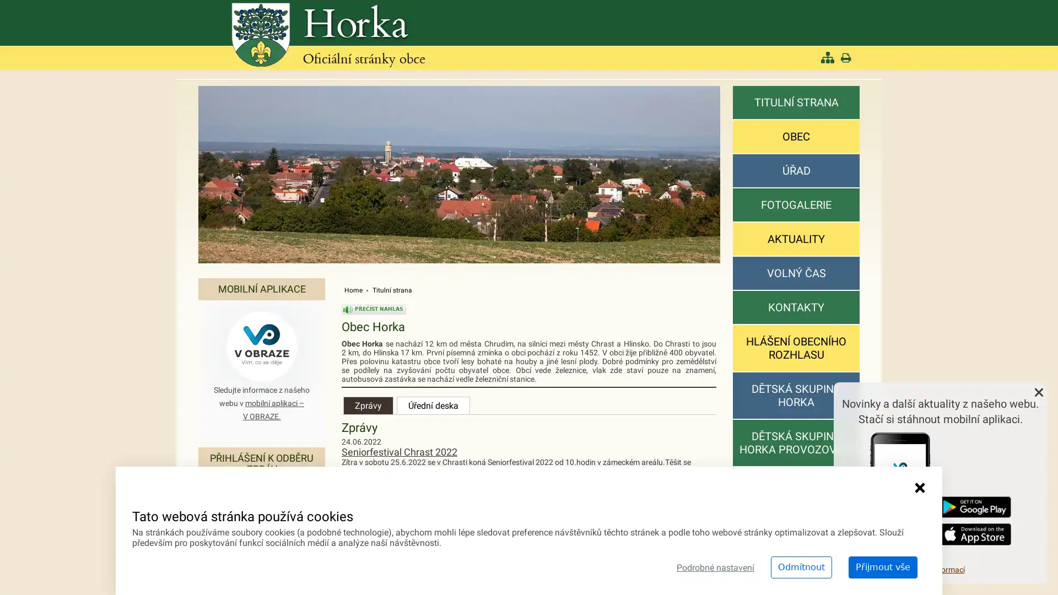 The image size is (1058, 595). Describe the element at coordinates (883, 567) in the screenshot. I see `Prijmout vse` at that location.